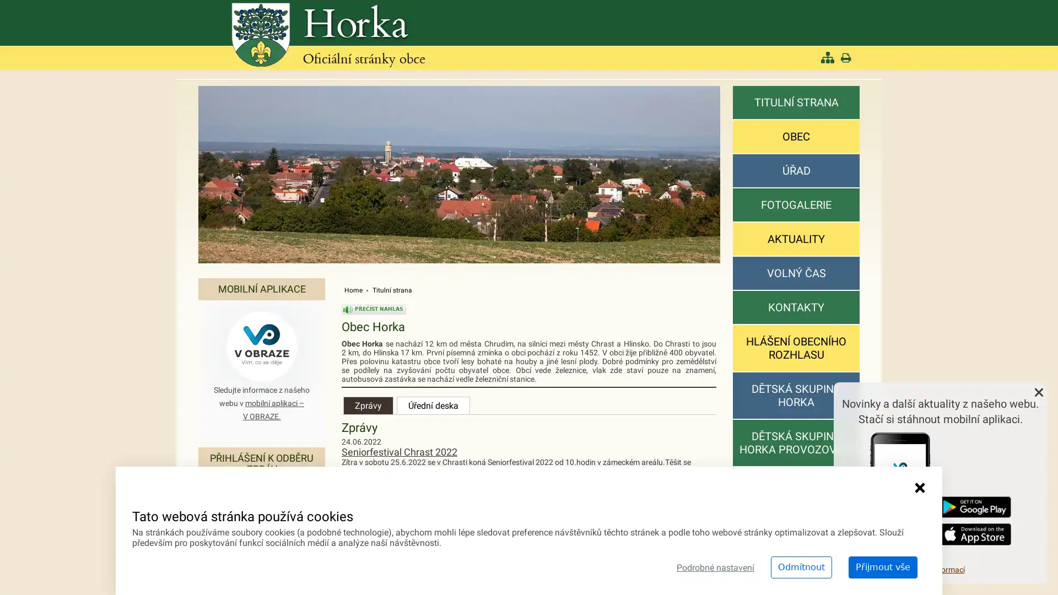 The image size is (1058, 595). Describe the element at coordinates (883, 567) in the screenshot. I see `Prijmout vse` at that location.